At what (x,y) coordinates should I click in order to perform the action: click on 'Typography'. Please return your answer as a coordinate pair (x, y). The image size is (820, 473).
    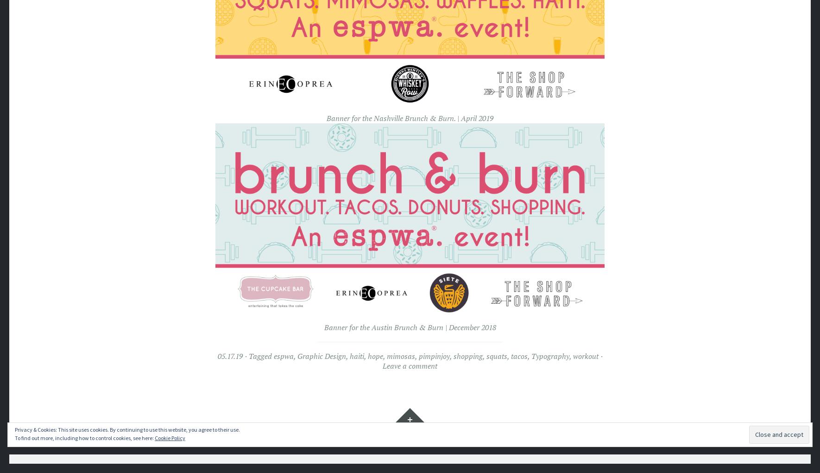
    Looking at the image, I should click on (549, 355).